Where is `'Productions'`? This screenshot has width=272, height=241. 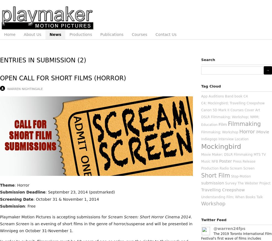
'Productions' is located at coordinates (69, 35).